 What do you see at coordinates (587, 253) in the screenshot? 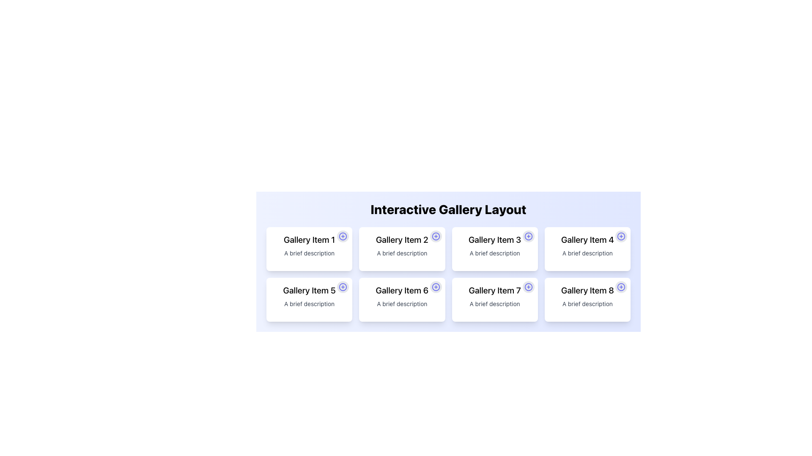
I see `the static text label providing additional information for 'Gallery Item 4', located below the title and above the plus icon` at bounding box center [587, 253].